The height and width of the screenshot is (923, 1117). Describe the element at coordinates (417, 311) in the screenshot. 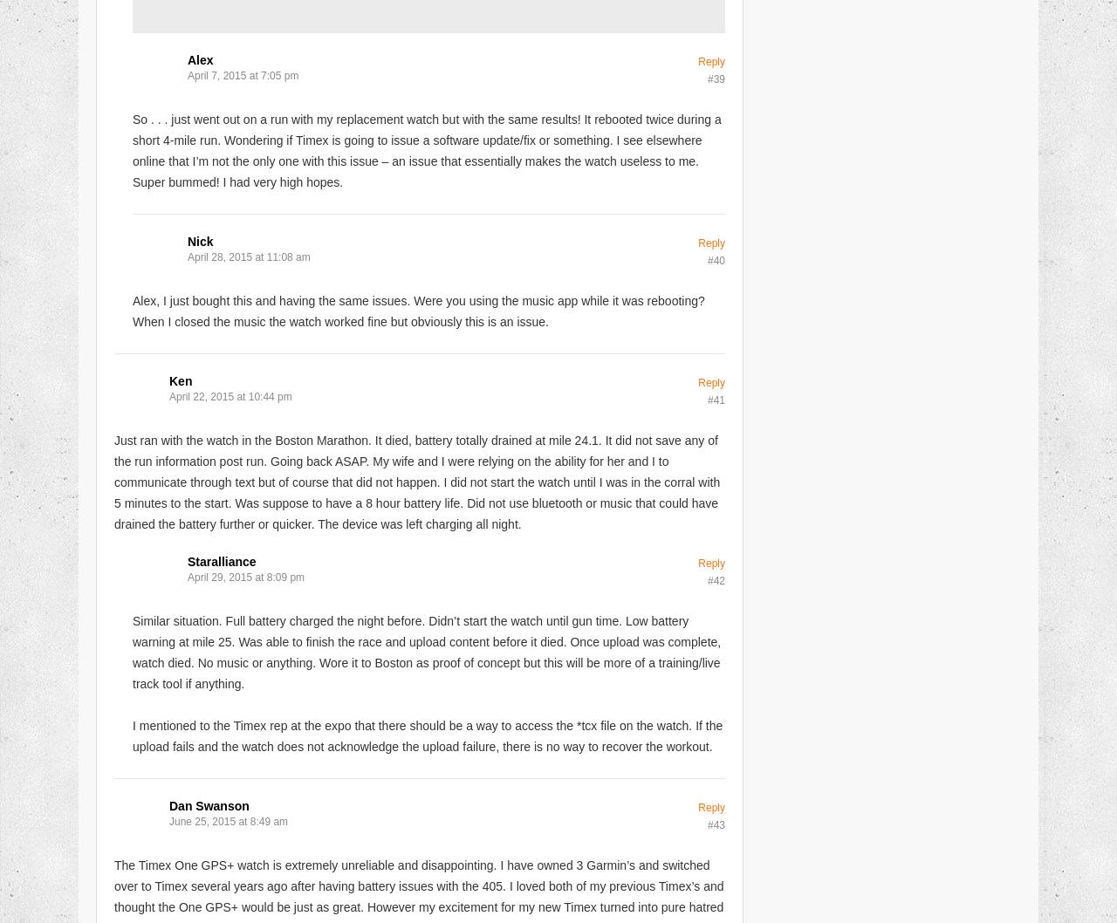

I see `'Alex, I just bought this and having the same issues. Were you using the music app while it was rebooting? When I closed the music the watch worked fine but obviously this is an issue.'` at that location.